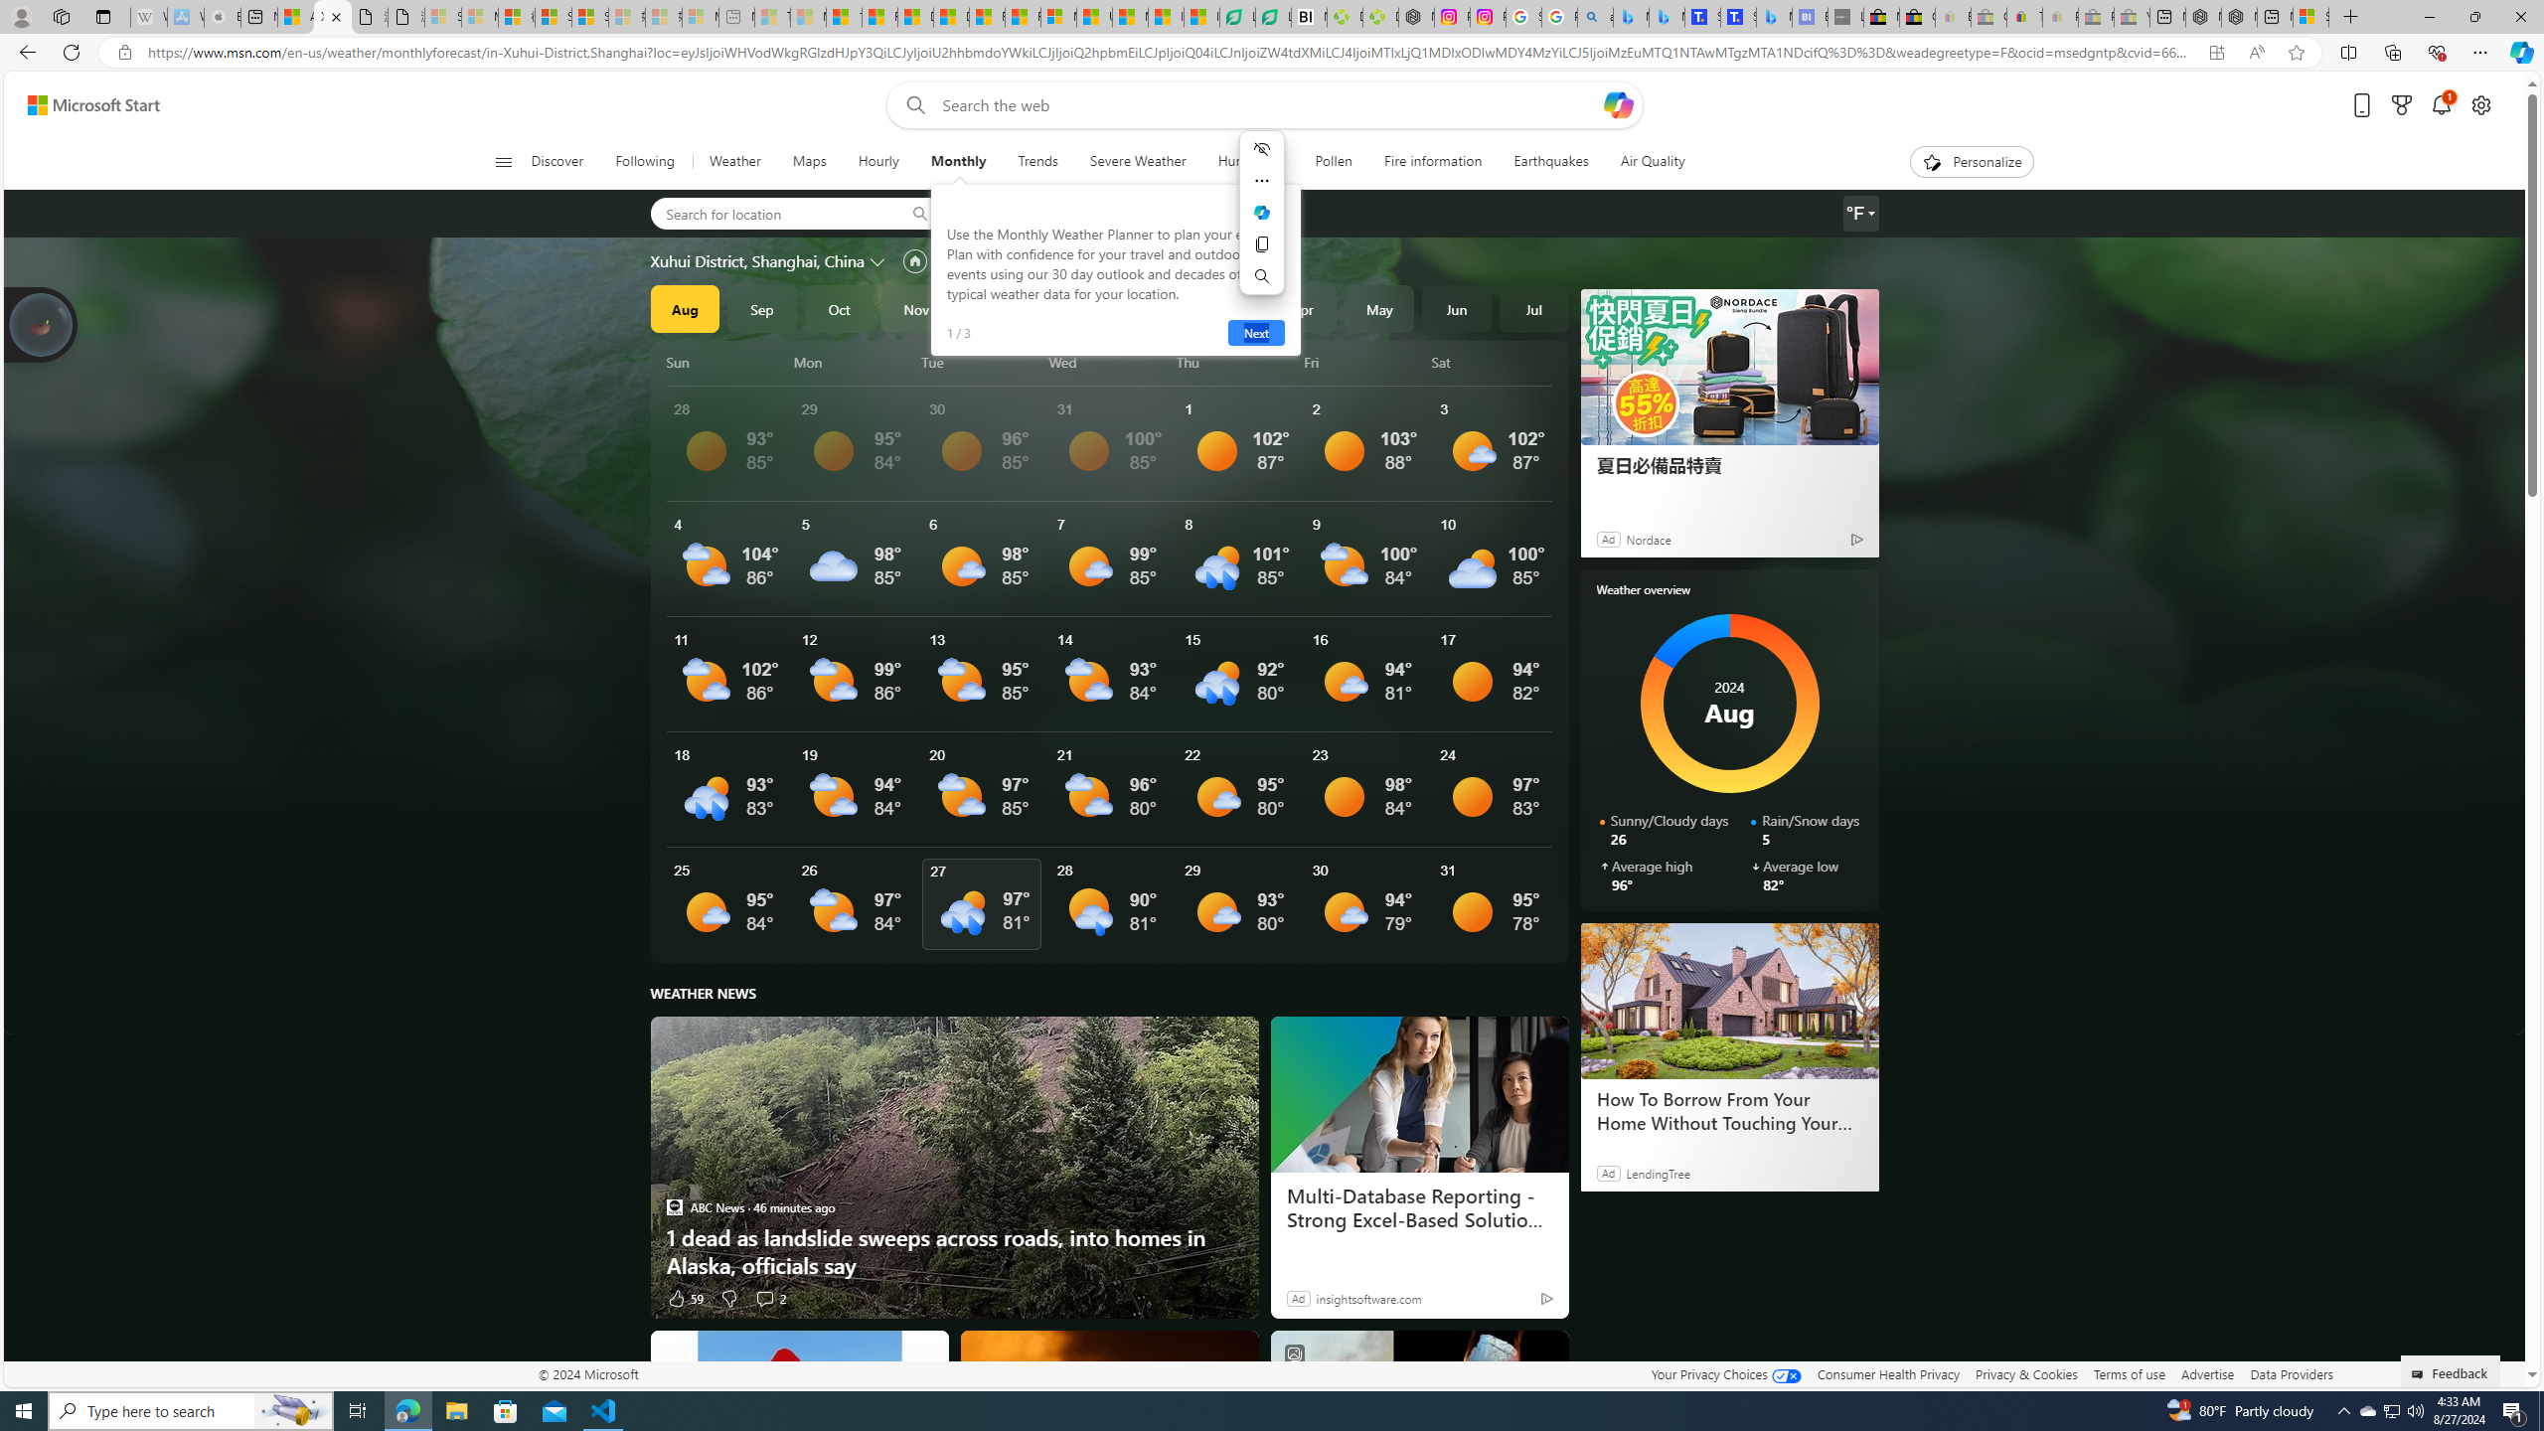  Describe the element at coordinates (1532, 308) in the screenshot. I see `'Jul'` at that location.